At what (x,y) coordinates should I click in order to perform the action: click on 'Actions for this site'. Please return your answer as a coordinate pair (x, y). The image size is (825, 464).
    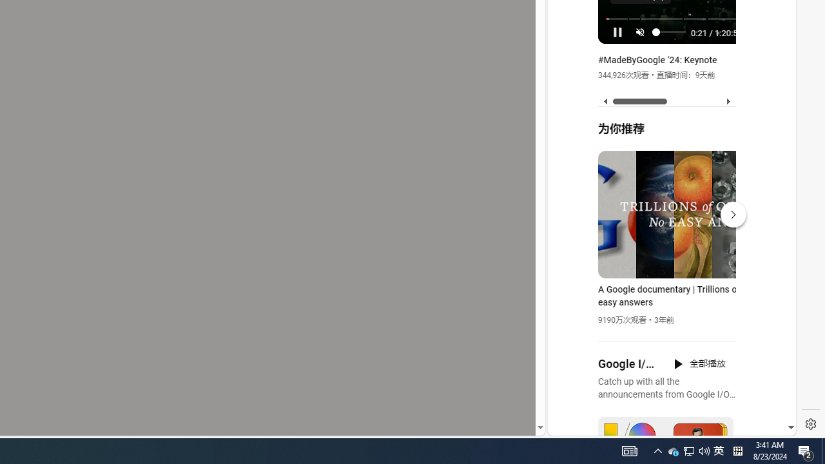
    Looking at the image, I should click on (729, 285).